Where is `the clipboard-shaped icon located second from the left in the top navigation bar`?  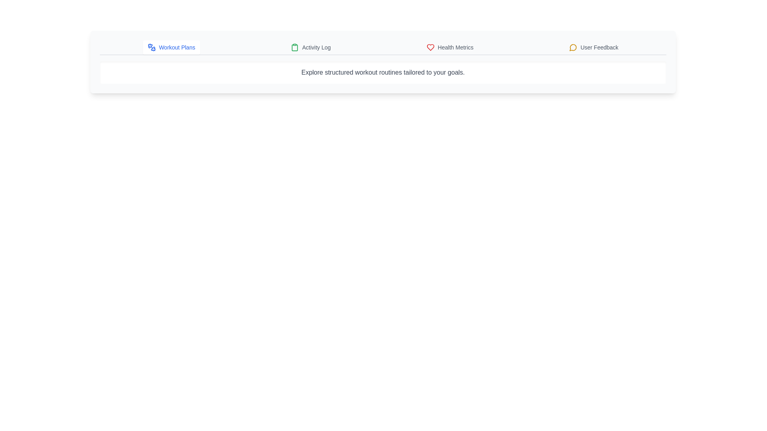
the clipboard-shaped icon located second from the left in the top navigation bar is located at coordinates (294, 47).